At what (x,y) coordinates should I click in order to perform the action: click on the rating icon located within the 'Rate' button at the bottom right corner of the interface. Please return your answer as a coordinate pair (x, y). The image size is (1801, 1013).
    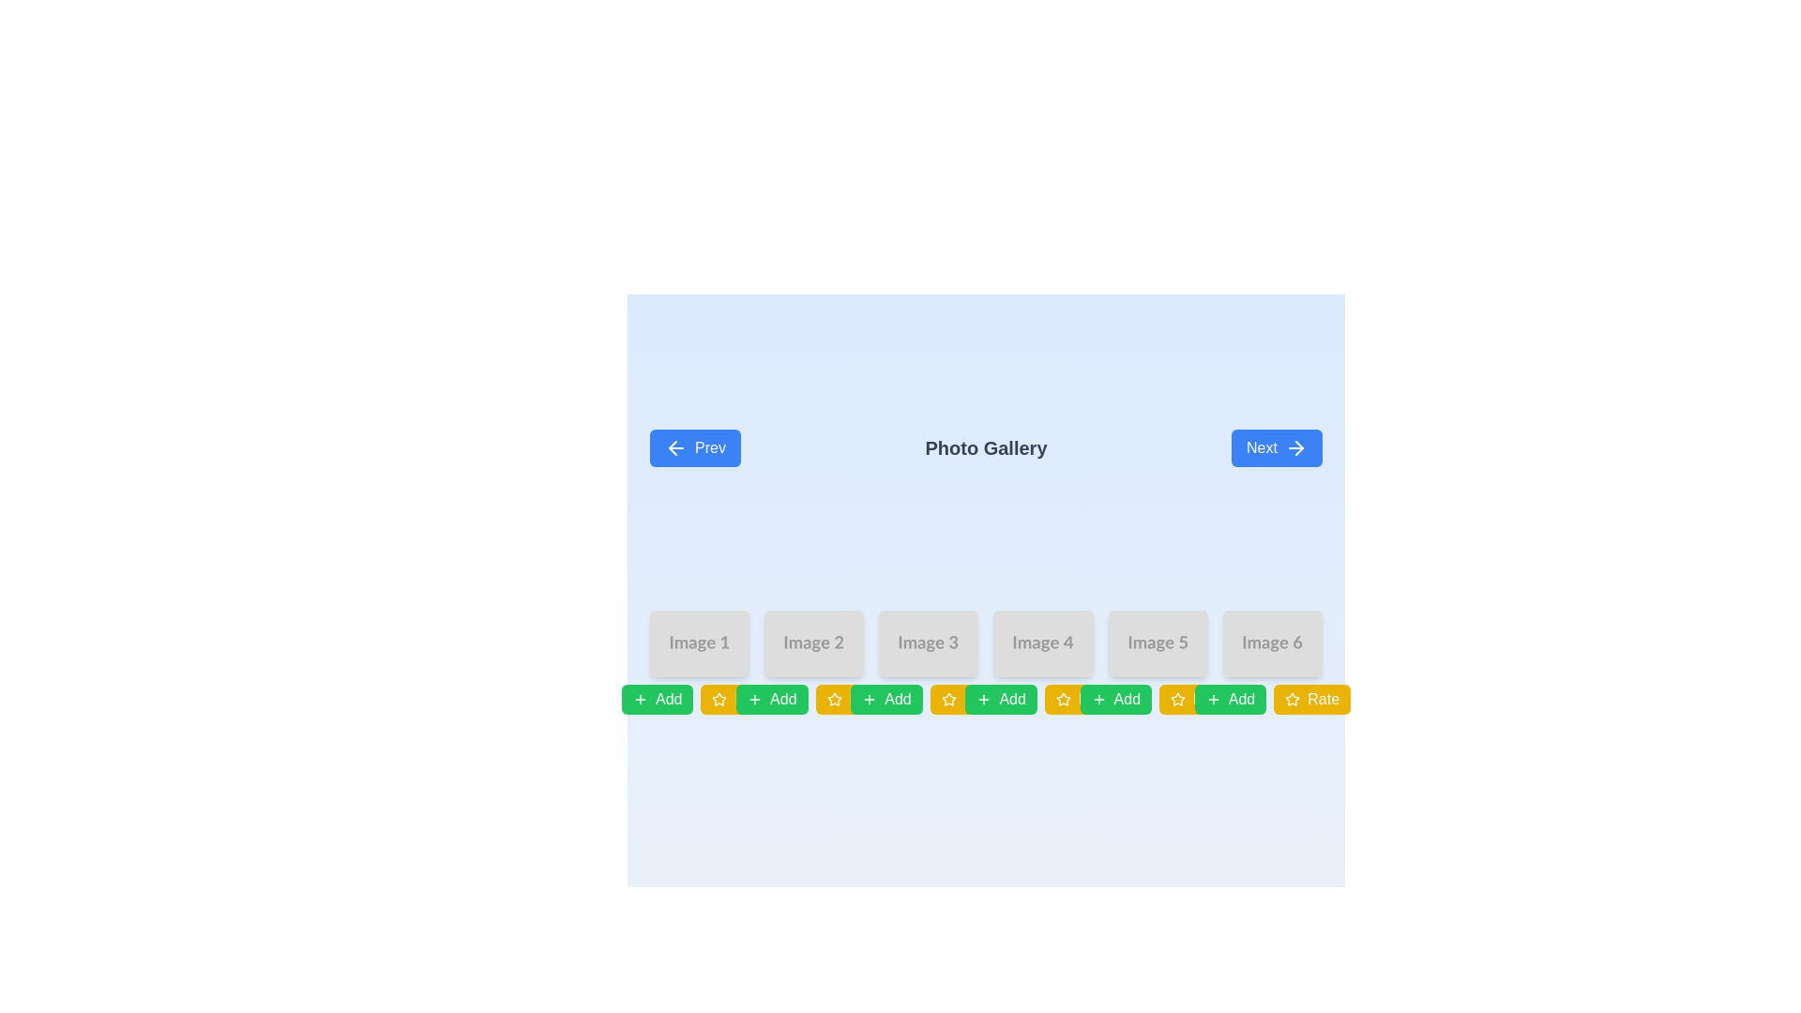
    Looking at the image, I should click on (719, 699).